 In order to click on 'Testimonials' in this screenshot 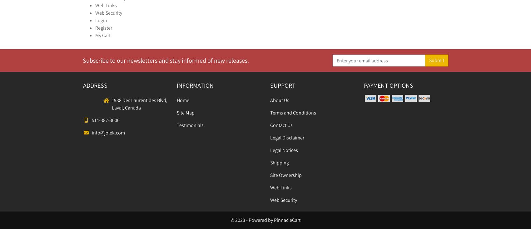, I will do `click(189, 125)`.